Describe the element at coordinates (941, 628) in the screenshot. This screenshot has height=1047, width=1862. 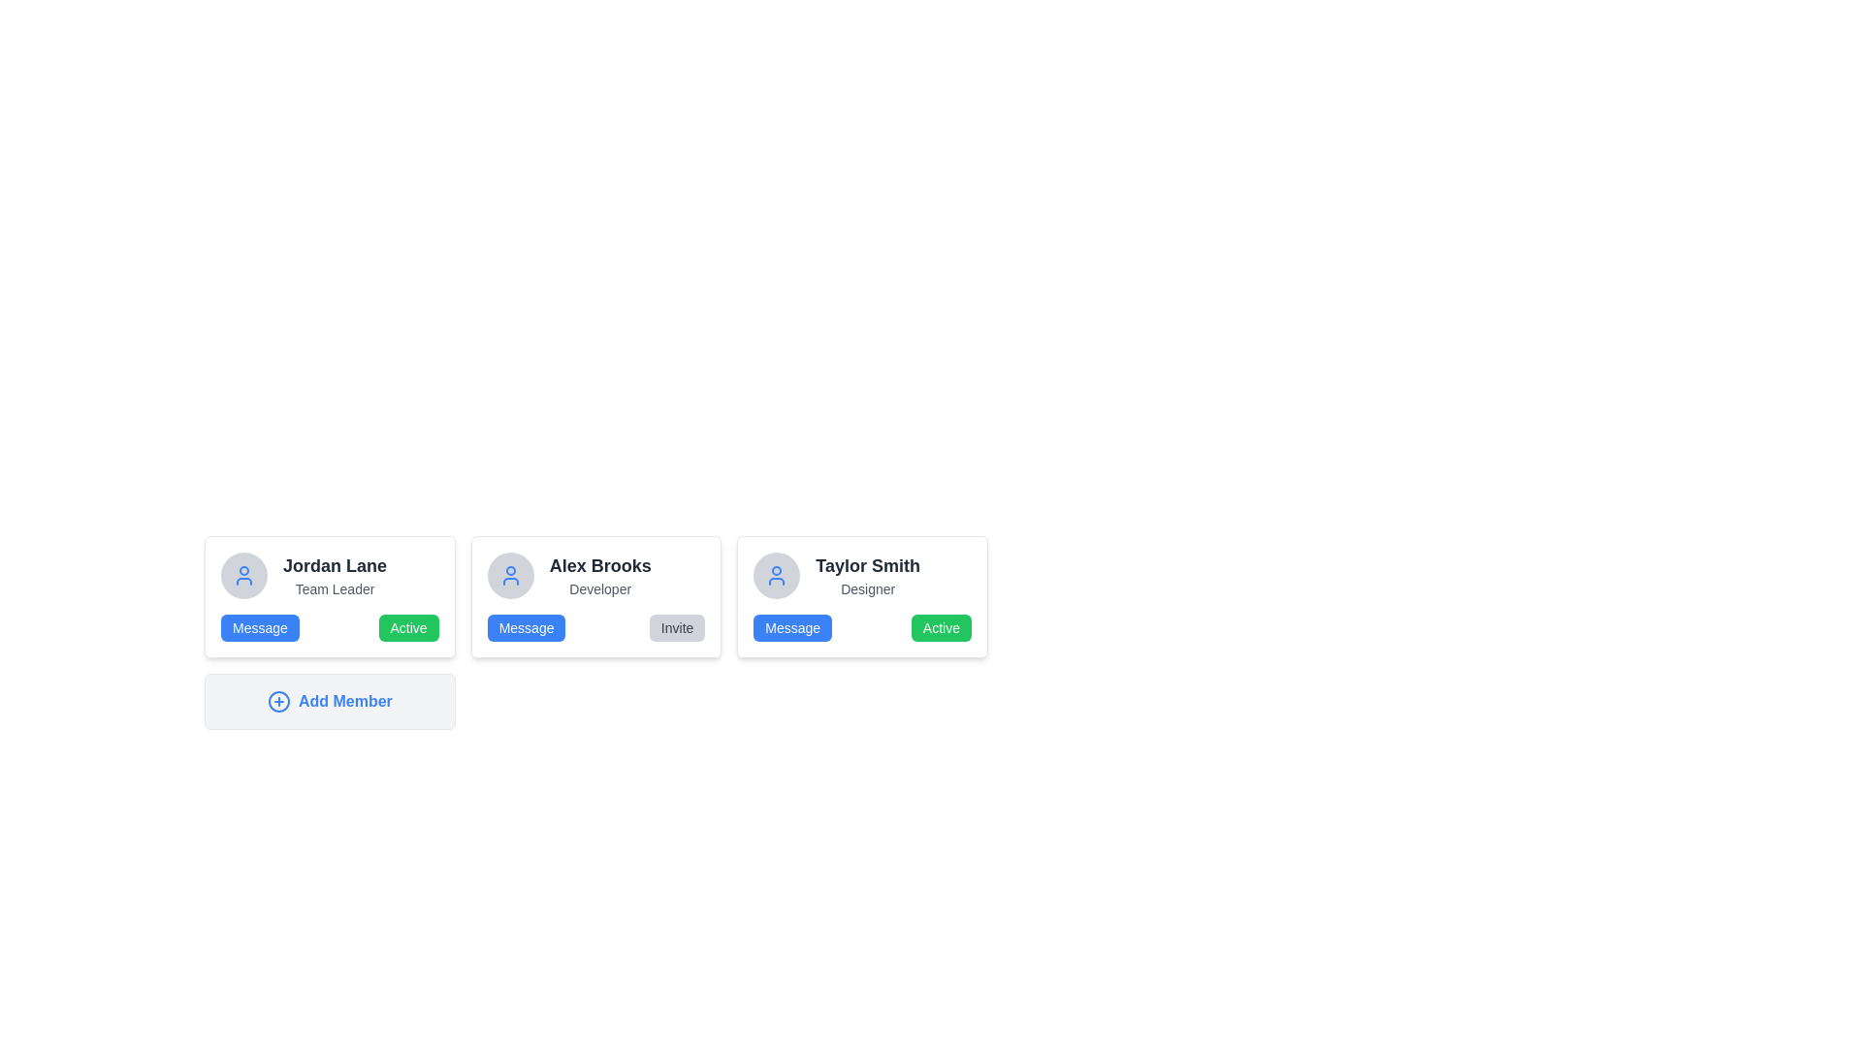
I see `the bright green button labeled 'Active'` at that location.